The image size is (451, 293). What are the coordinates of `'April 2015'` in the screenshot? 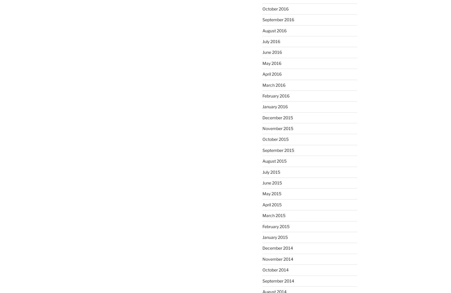 It's located at (271, 204).